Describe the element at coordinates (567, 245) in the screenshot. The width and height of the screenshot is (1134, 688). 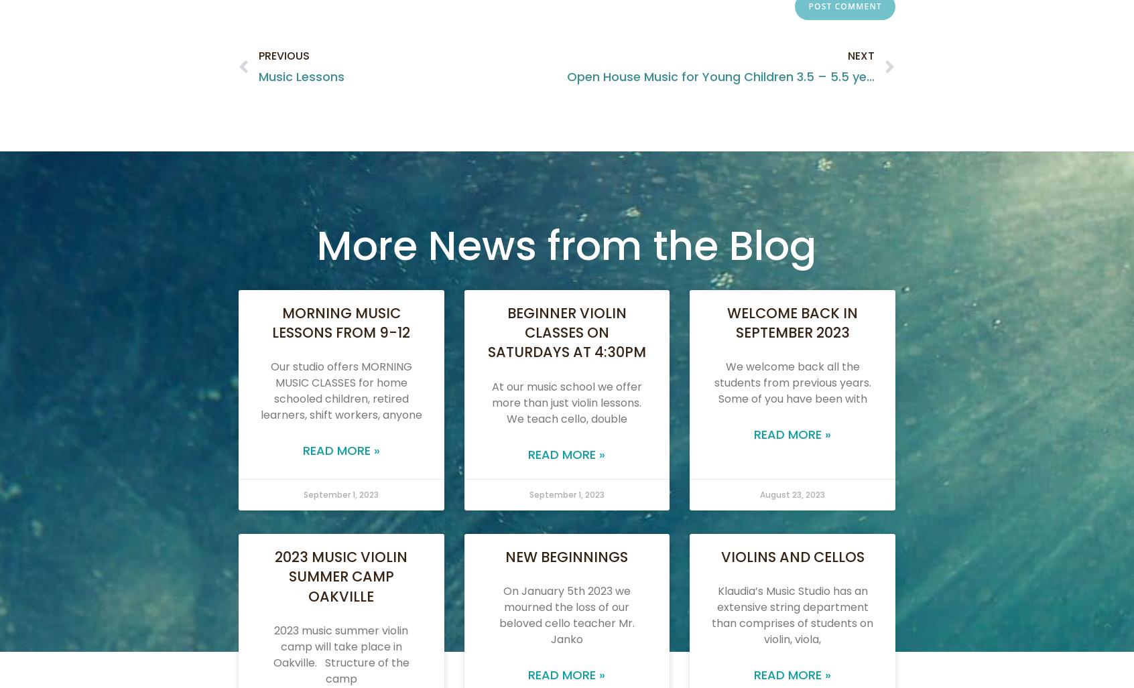
I see `'More News from the Blog'` at that location.